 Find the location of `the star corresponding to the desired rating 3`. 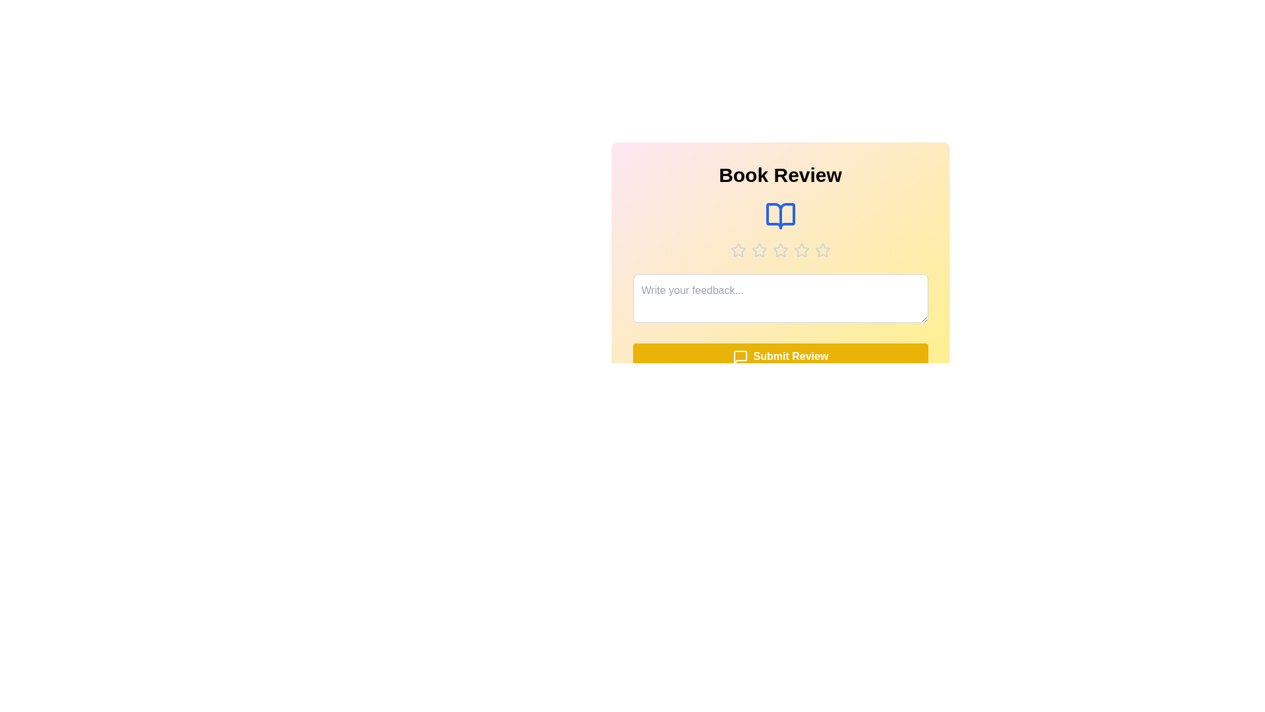

the star corresponding to the desired rating 3 is located at coordinates (780, 251).